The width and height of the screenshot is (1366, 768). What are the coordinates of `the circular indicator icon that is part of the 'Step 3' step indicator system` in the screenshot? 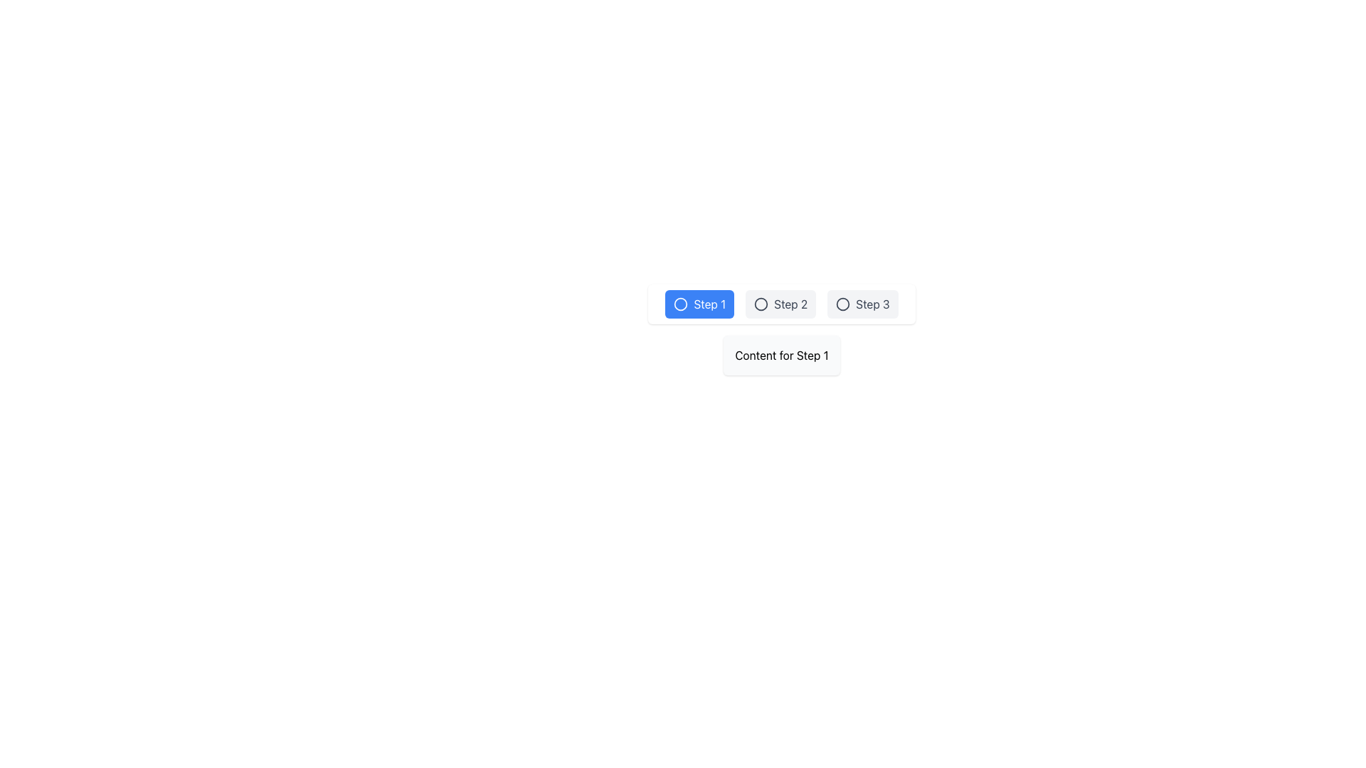 It's located at (843, 304).